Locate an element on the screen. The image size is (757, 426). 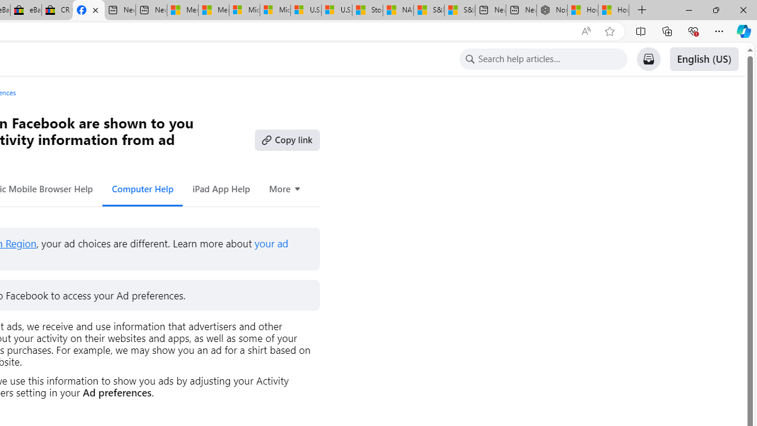
'S&P 500, Nasdaq end lower, weighed by Nvidia dip | Watch' is located at coordinates (458, 10).